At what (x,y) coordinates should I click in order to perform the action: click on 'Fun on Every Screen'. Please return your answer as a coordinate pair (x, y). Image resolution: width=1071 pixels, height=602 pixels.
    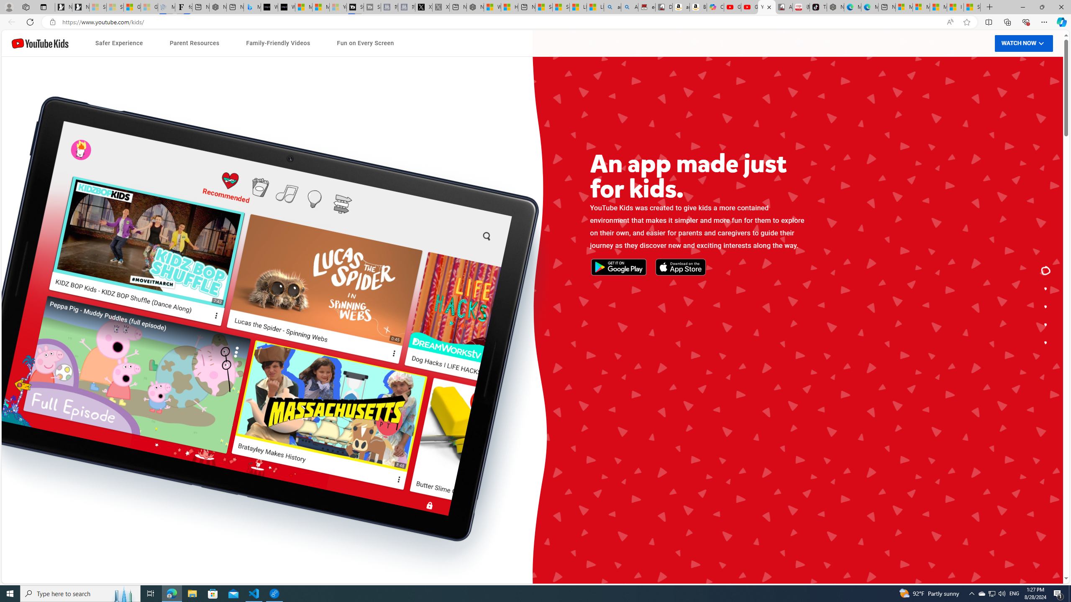
    Looking at the image, I should click on (365, 43).